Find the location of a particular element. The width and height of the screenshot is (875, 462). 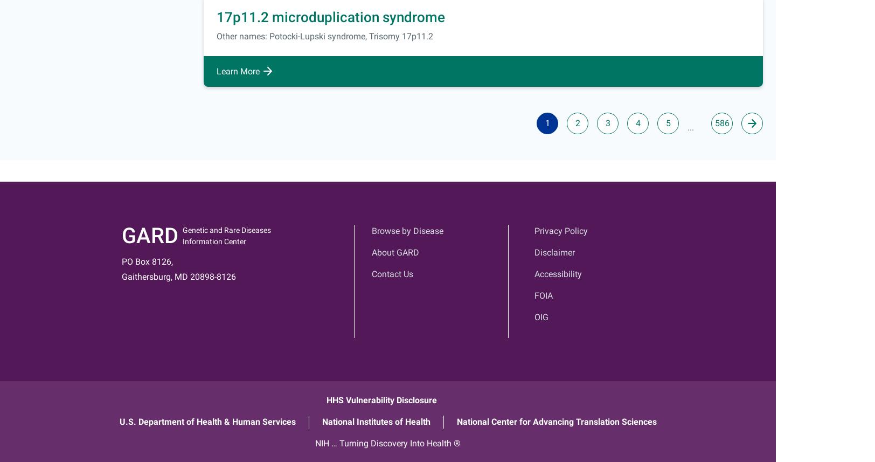

'PO Box 8126,' is located at coordinates (147, 261).